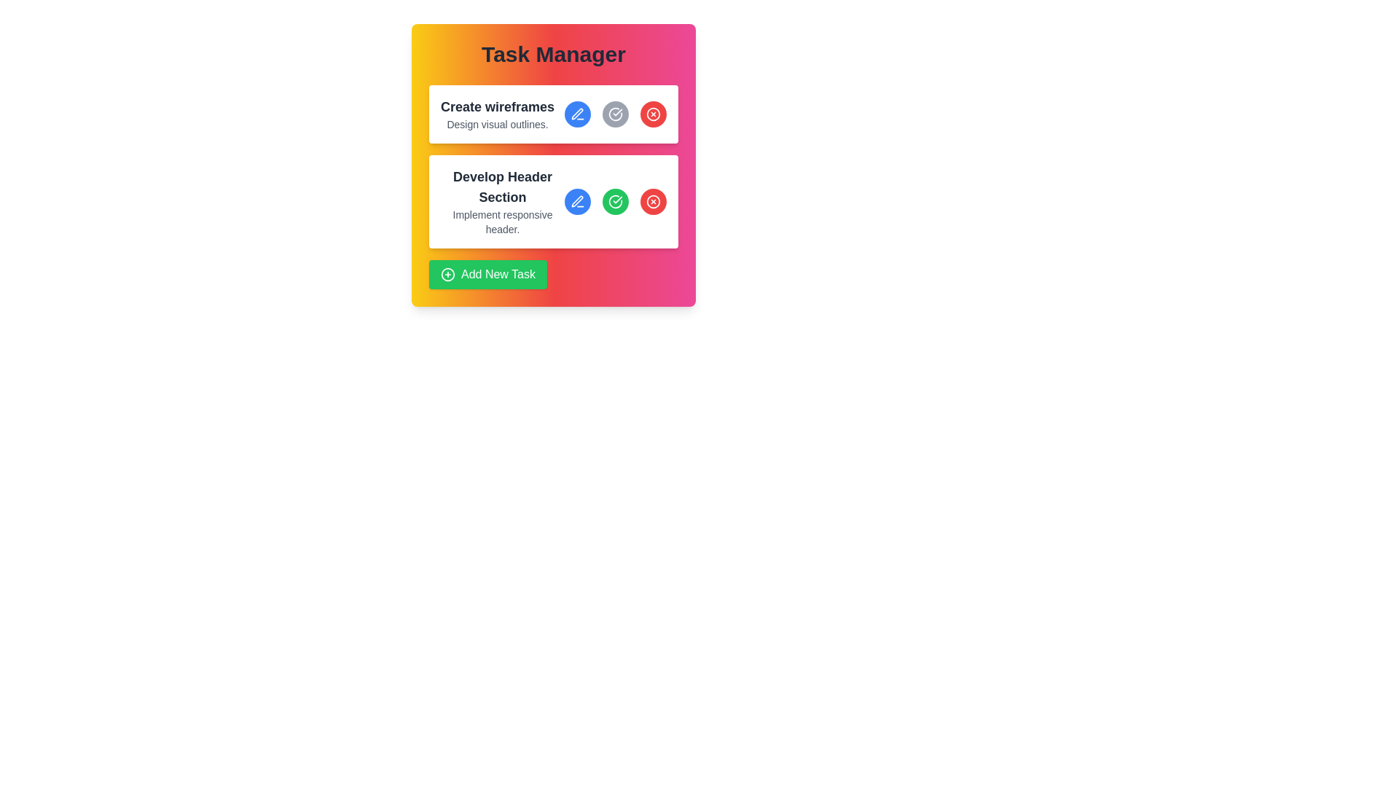 The image size is (1399, 787). What do you see at coordinates (447, 275) in the screenshot?
I see `the addition icon located at the leftmost portion of the 'Add New Task' button` at bounding box center [447, 275].